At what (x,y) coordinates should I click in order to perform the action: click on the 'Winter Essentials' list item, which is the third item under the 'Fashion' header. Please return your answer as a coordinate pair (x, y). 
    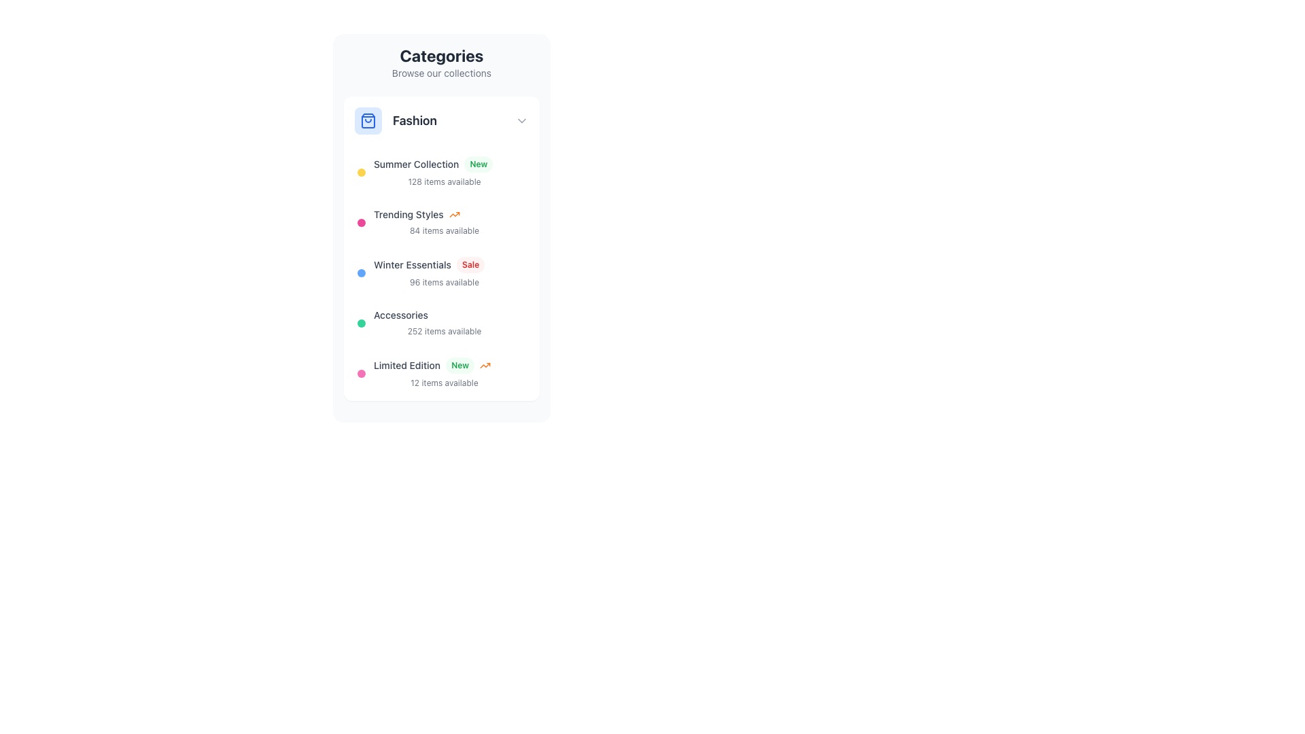
    Looking at the image, I should click on (441, 273).